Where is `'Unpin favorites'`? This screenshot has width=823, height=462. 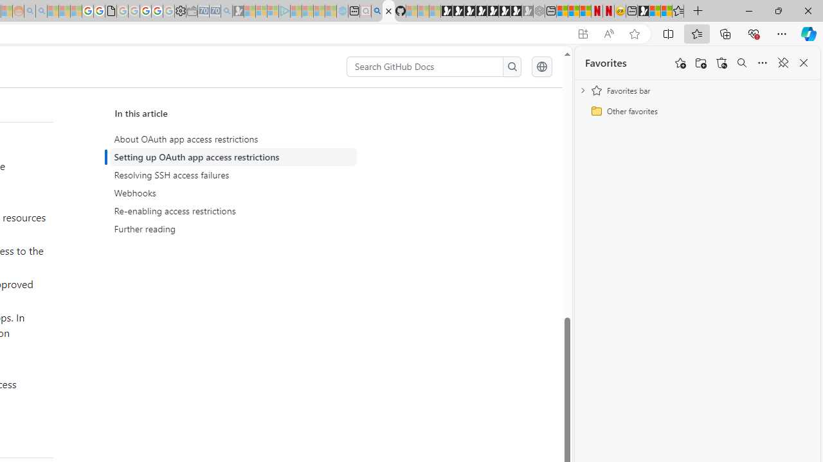
'Unpin favorites' is located at coordinates (782, 63).